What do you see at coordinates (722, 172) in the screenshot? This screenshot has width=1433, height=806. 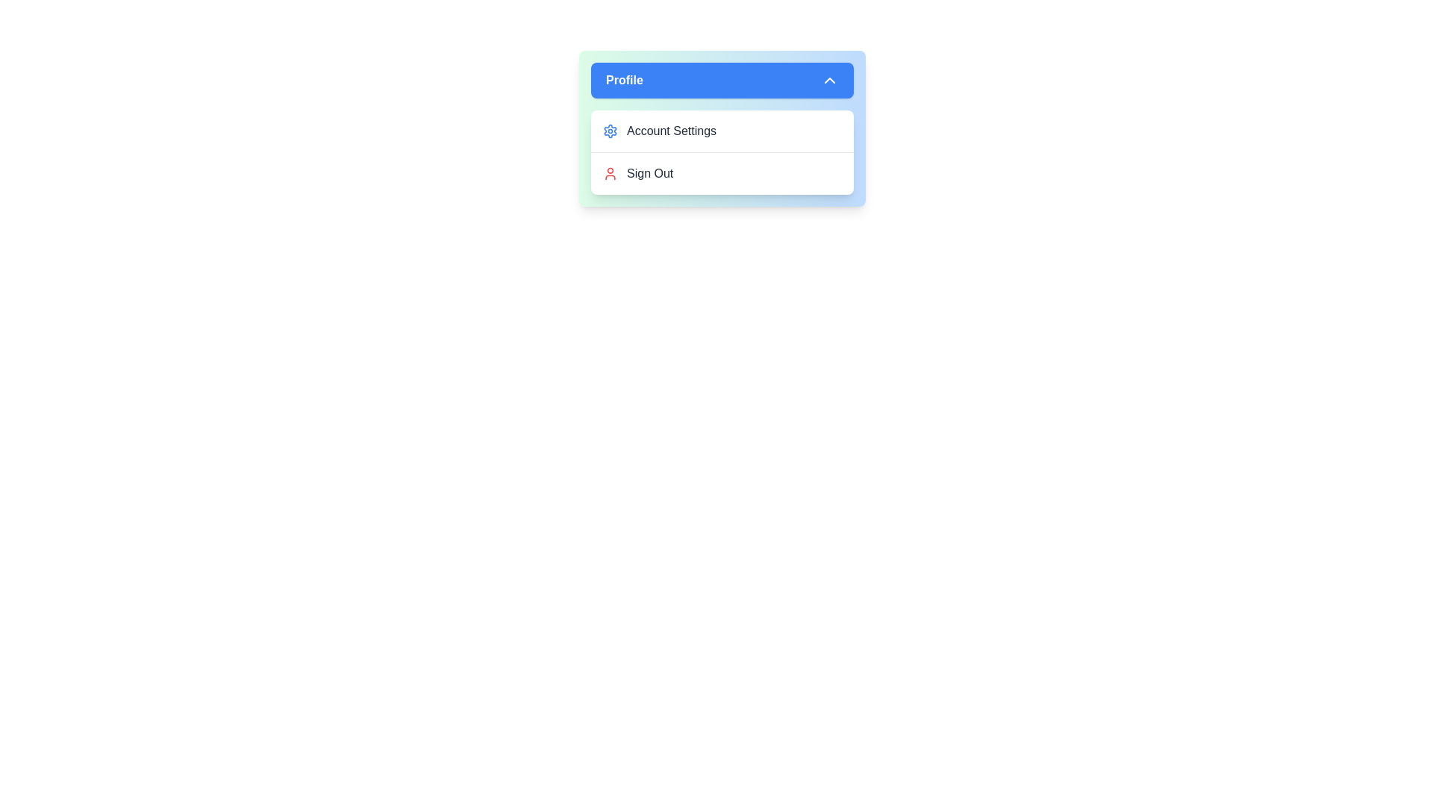 I see `the 'Sign Out' option in the ProfileMenu` at bounding box center [722, 172].